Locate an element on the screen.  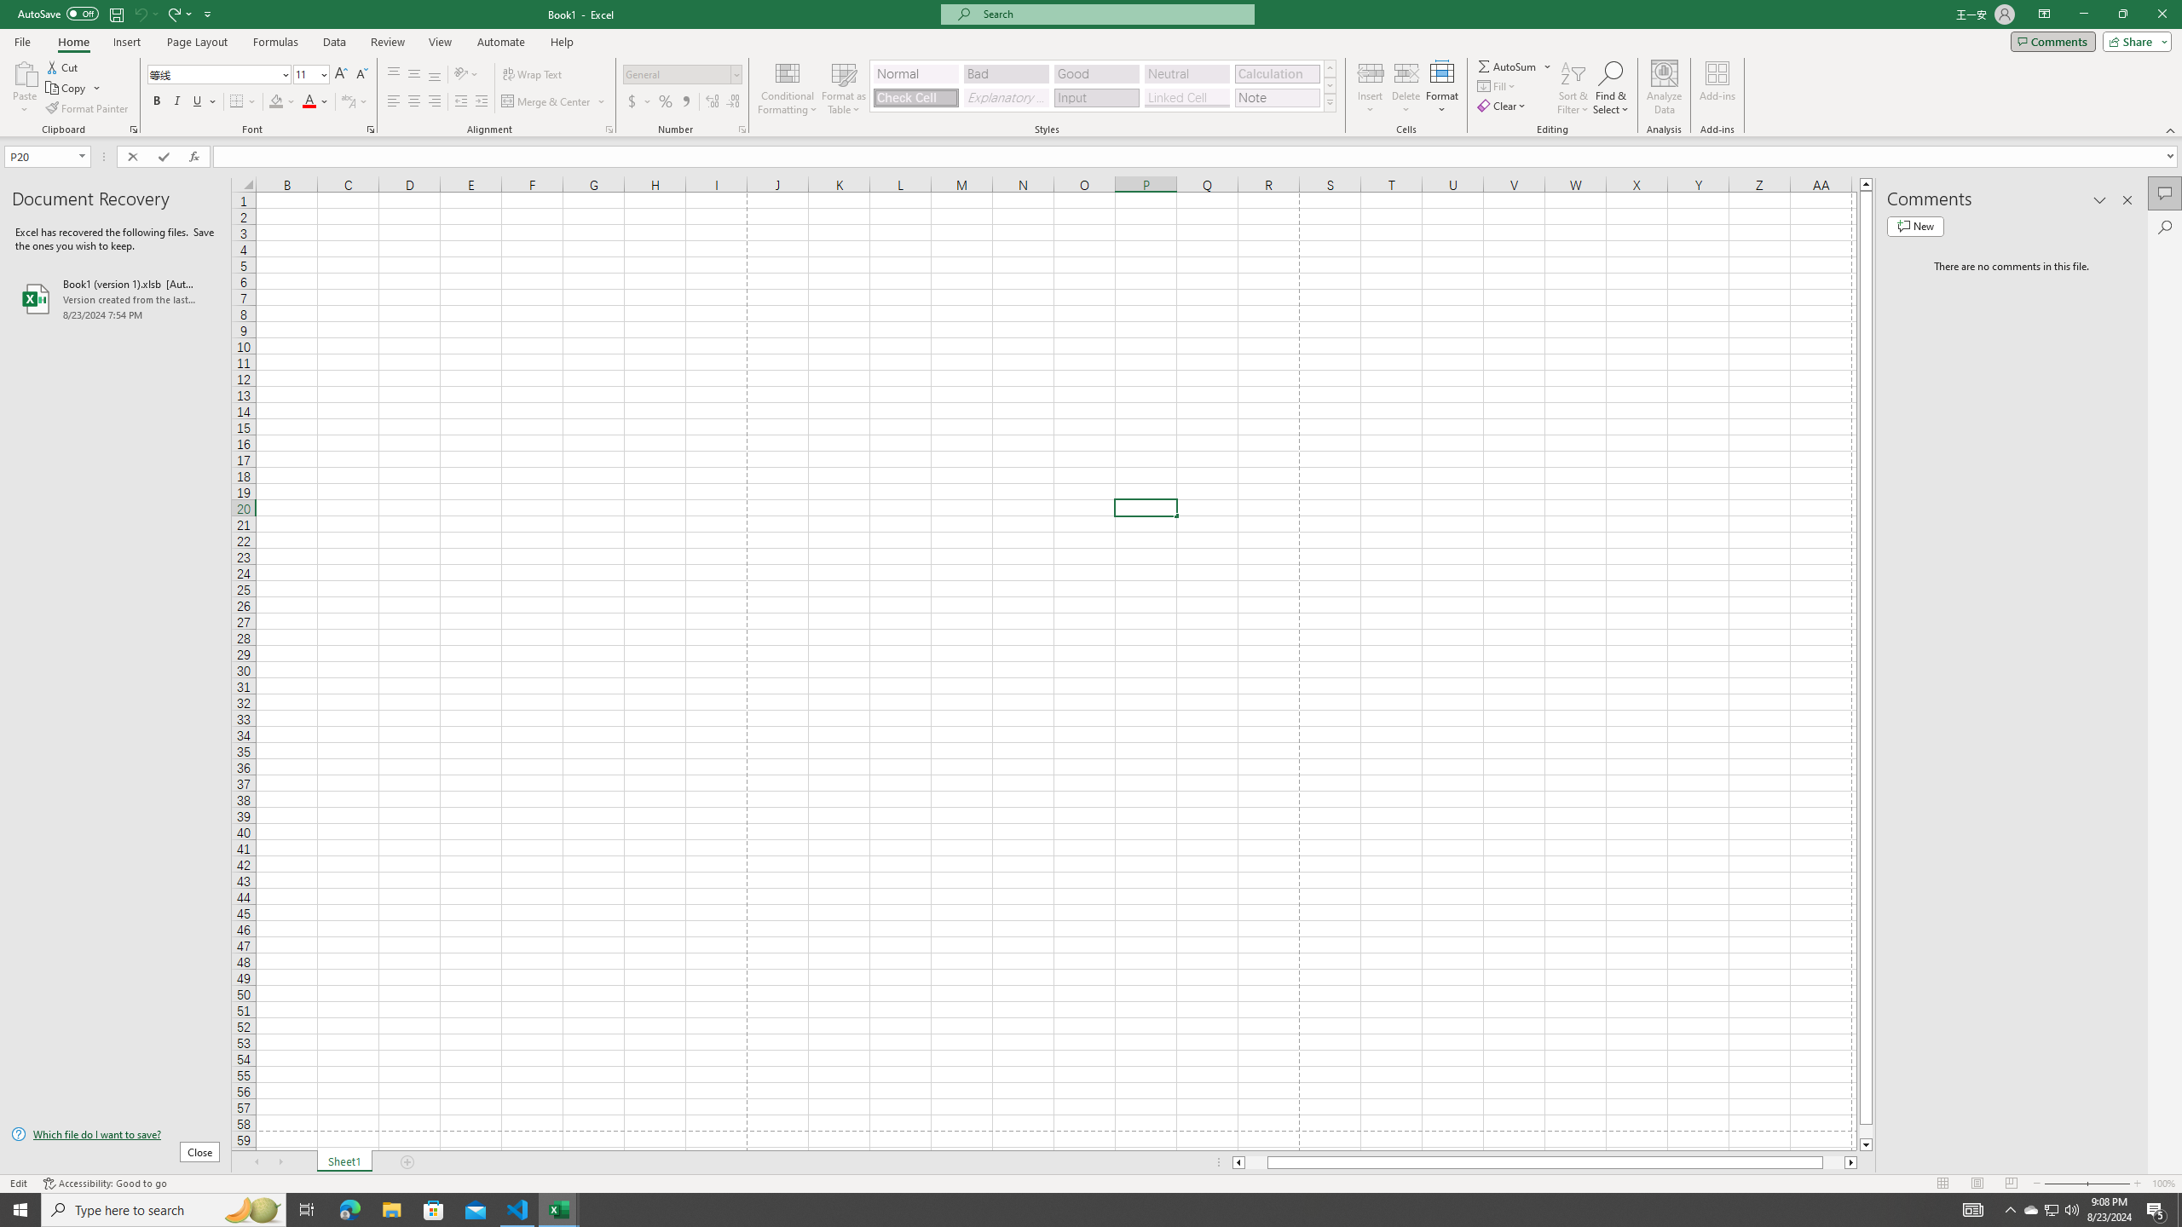
'Explanatory Text' is located at coordinates (1007, 97).